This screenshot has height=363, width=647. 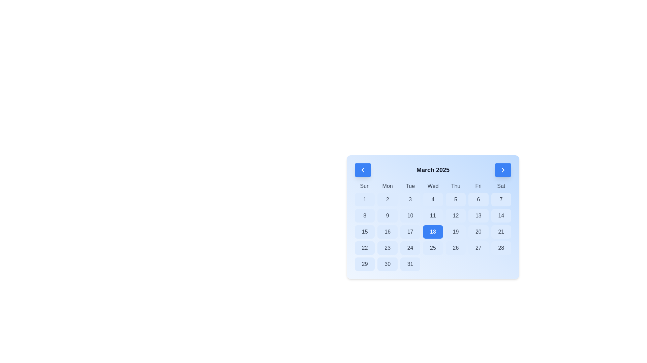 I want to click on the button labeled '30' with a light blue background in the calendar grid for March 2025, located under 'Sun' in the last row, so click(x=388, y=264).